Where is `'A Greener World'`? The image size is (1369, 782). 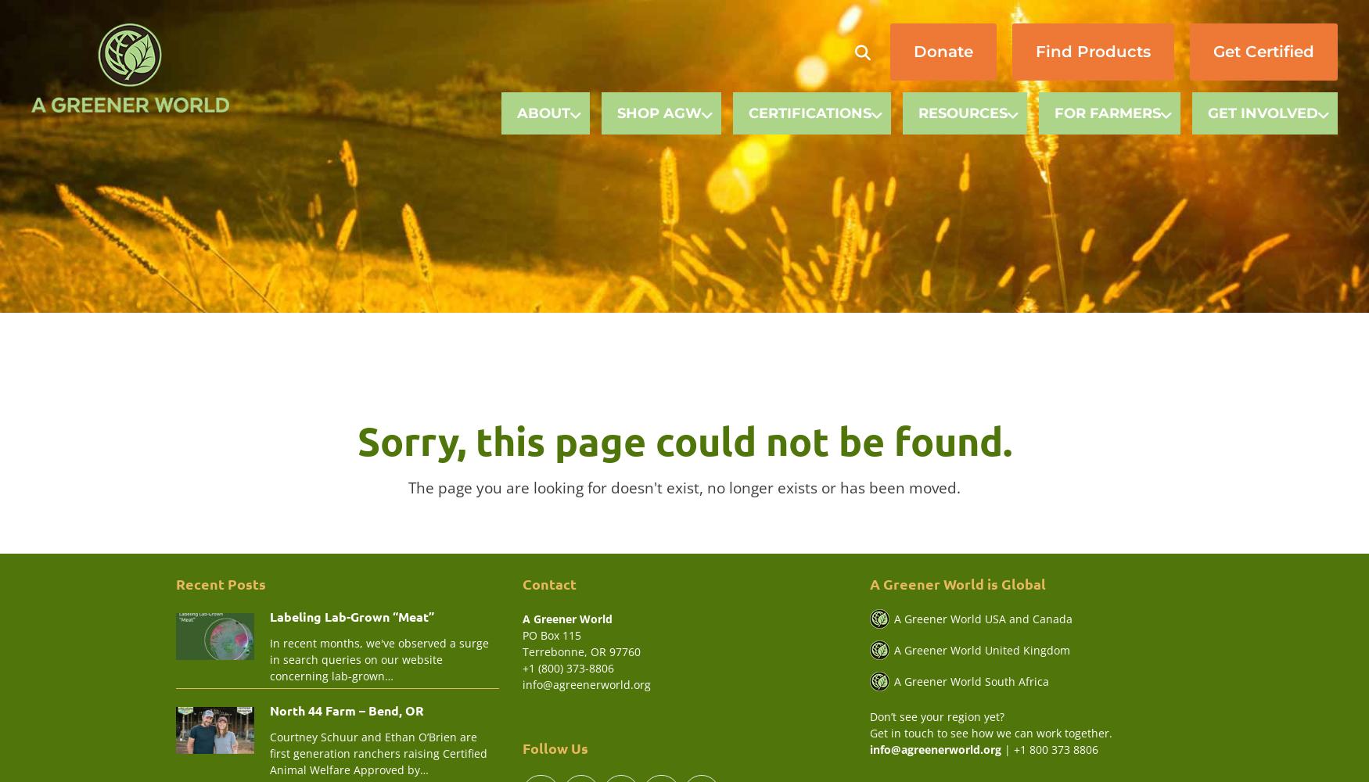
'A Greener World' is located at coordinates (567, 618).